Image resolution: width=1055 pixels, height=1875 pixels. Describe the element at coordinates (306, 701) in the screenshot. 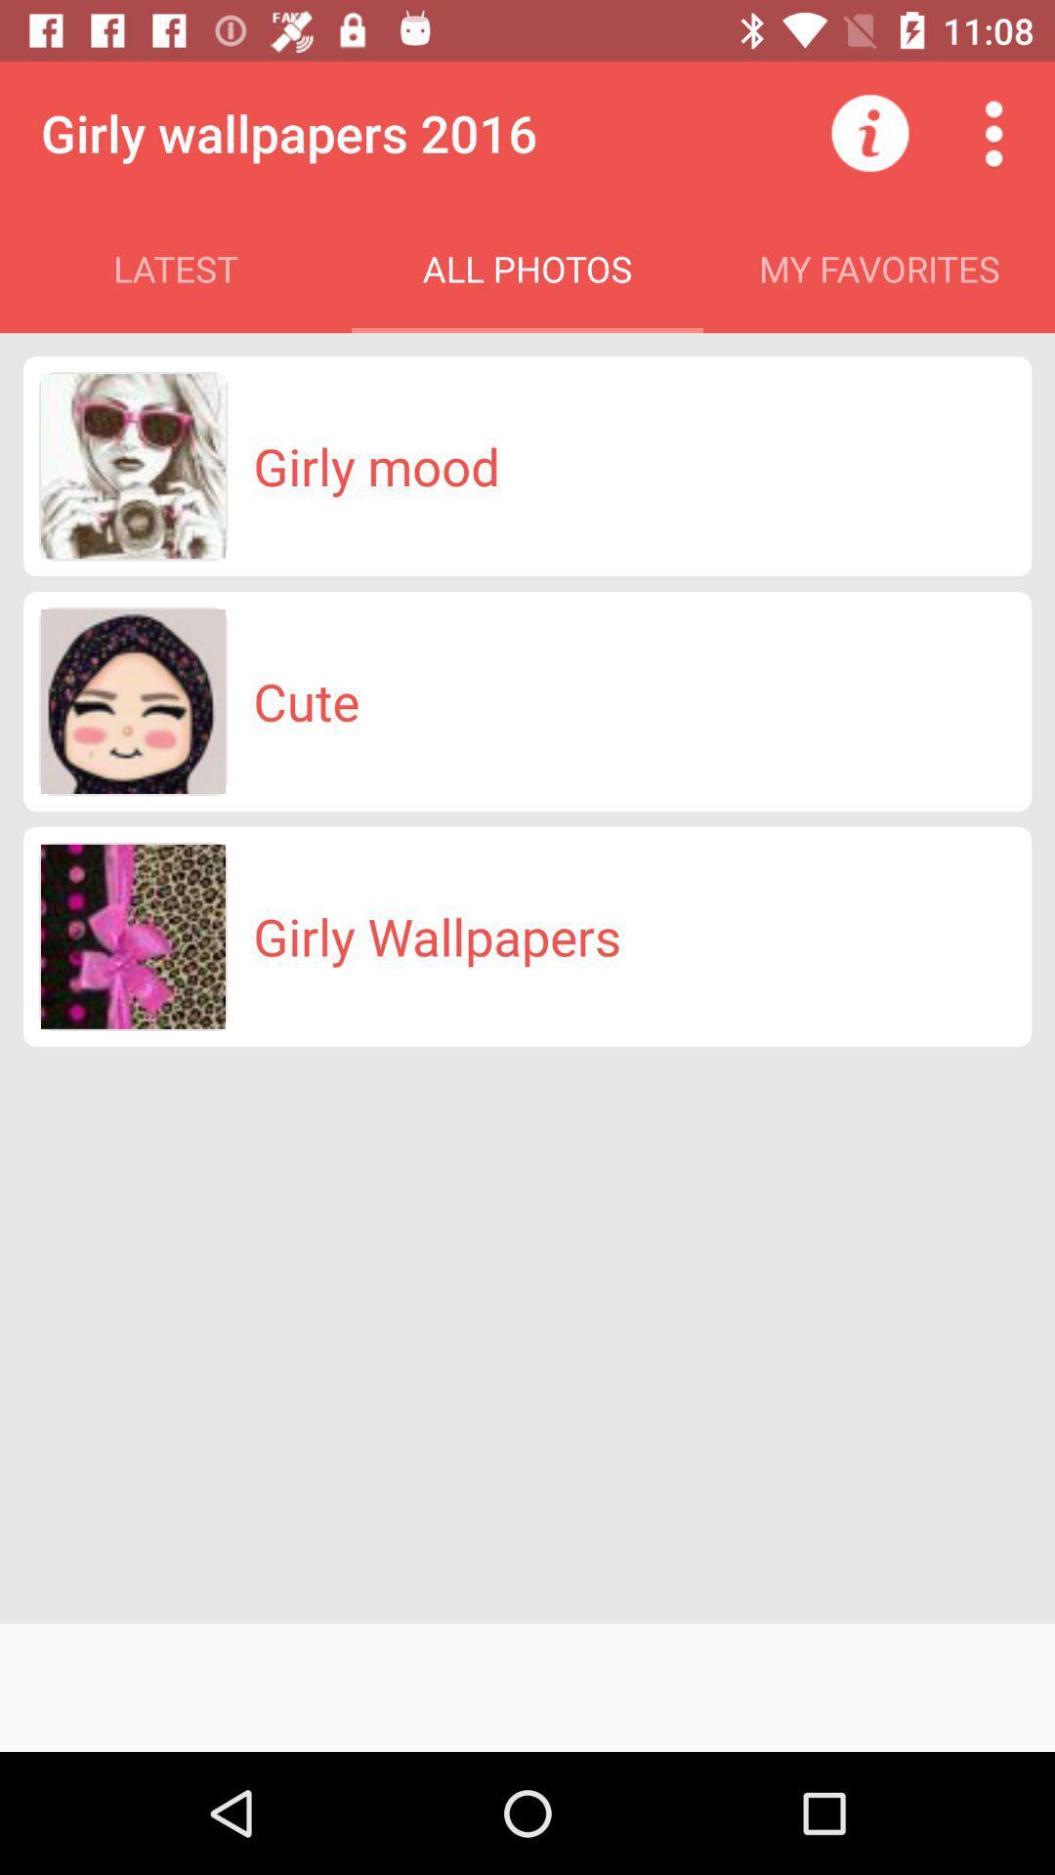

I see `cute` at that location.